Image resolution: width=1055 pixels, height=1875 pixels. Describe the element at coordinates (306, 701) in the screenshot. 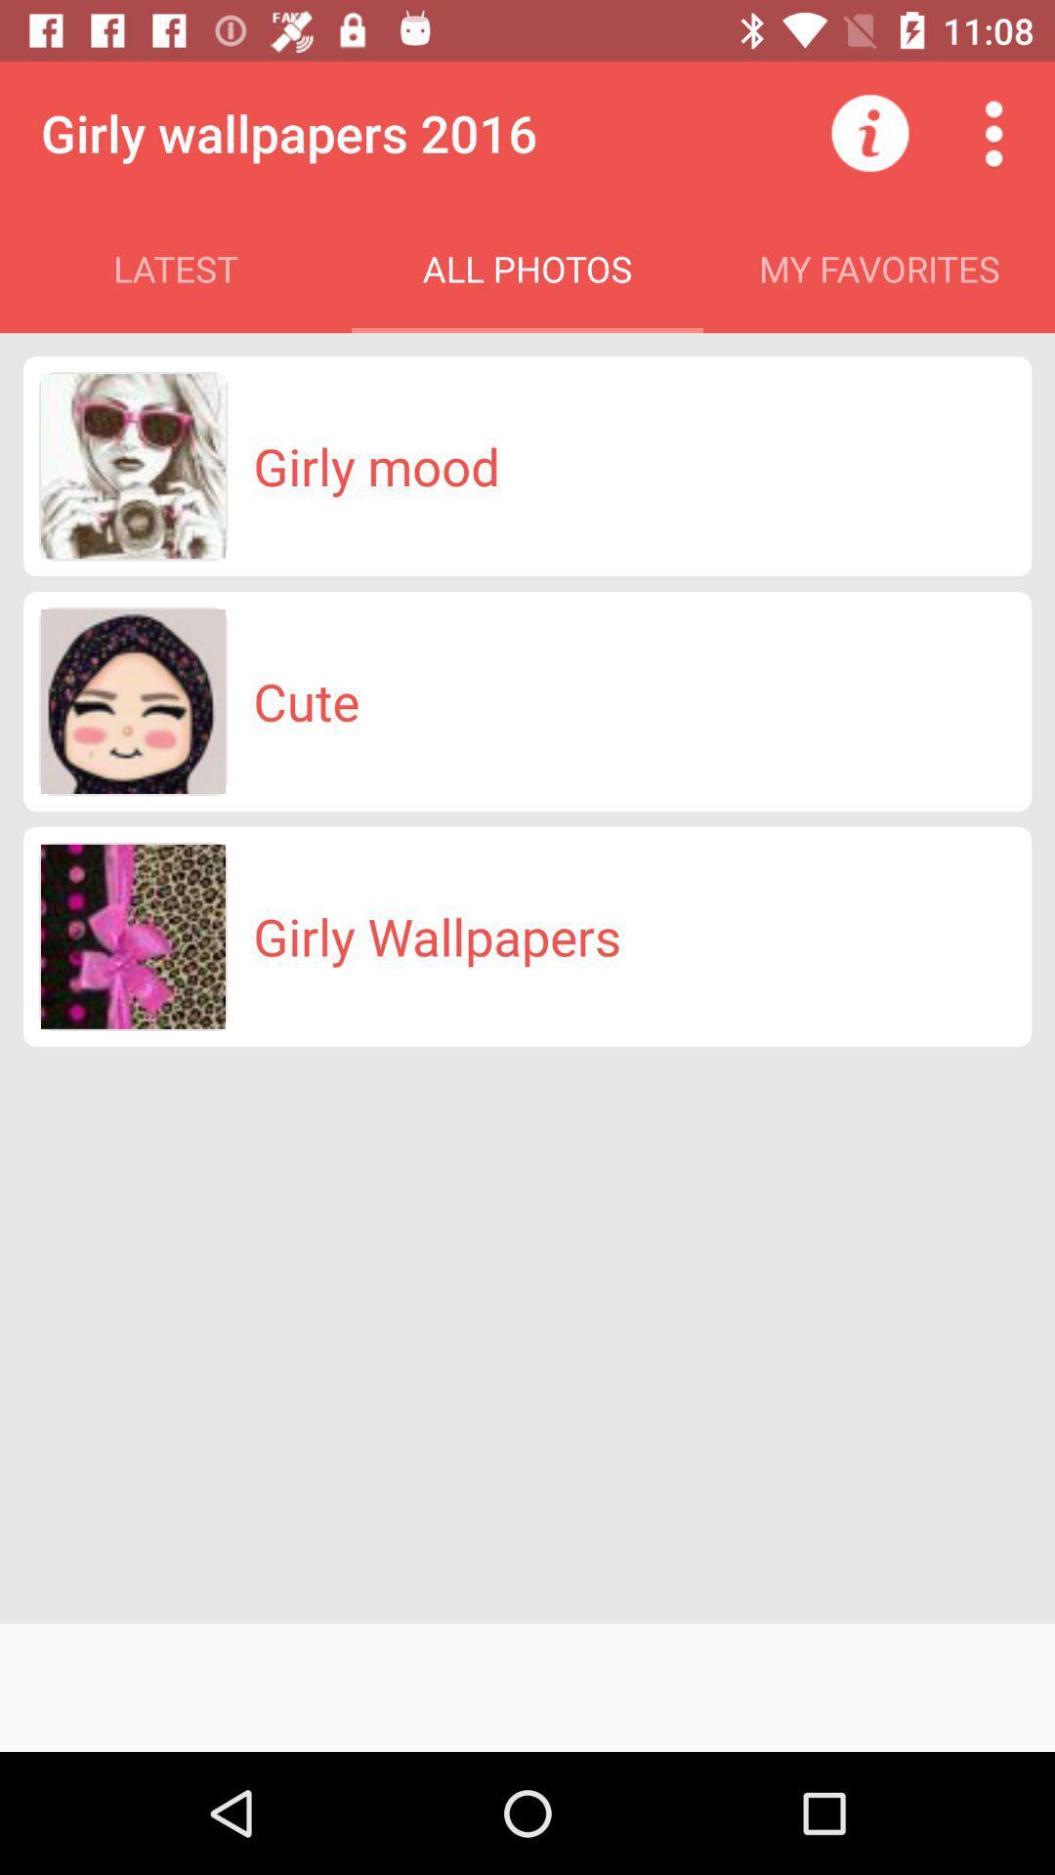

I see `cute` at that location.